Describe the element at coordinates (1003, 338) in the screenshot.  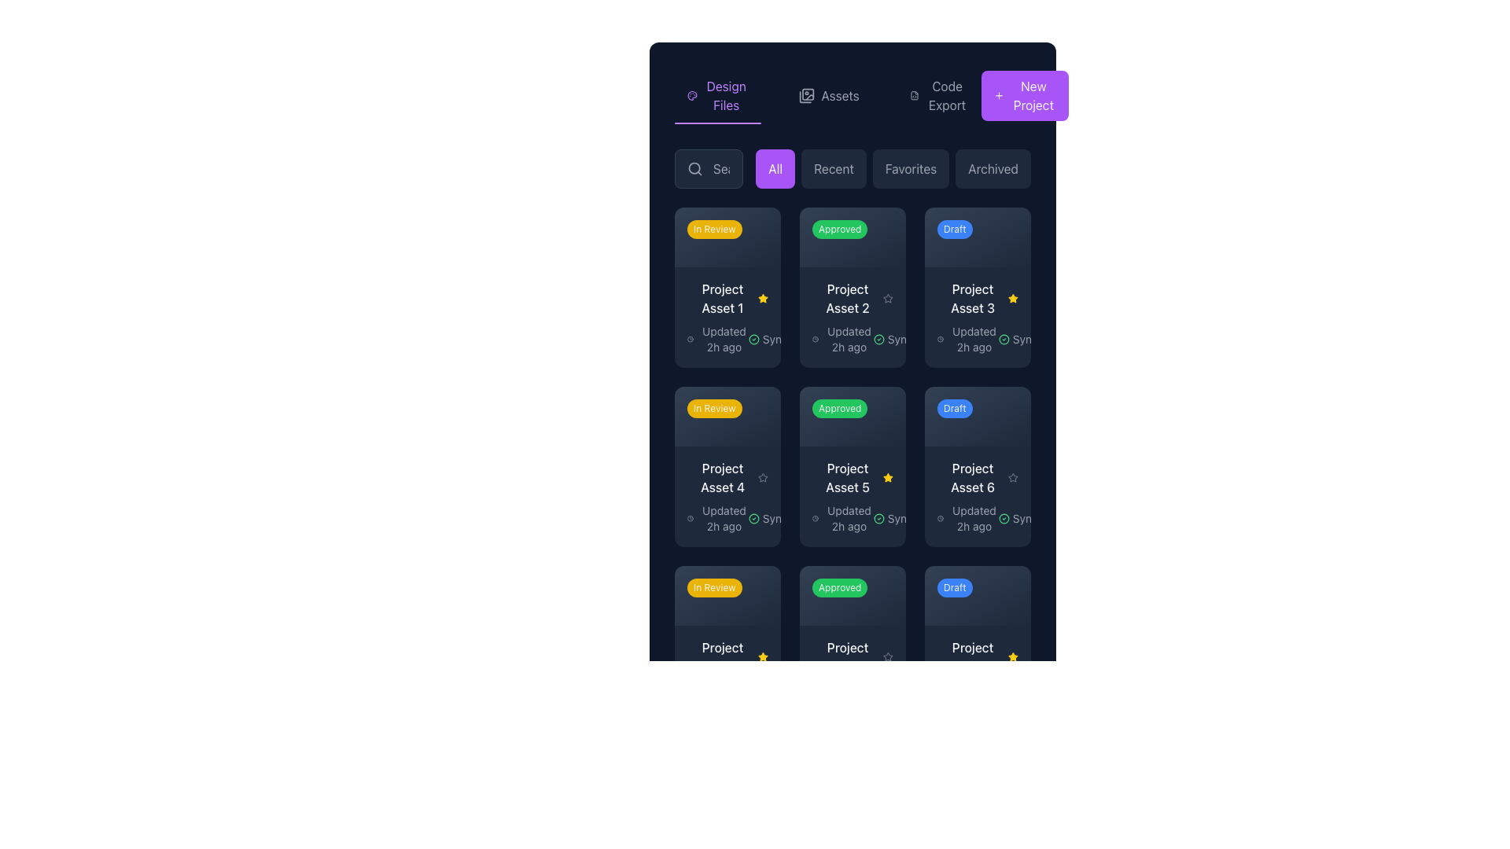
I see `the circle SVG element representing the status of 'Project Asset 3' located in the top row's third column` at that location.